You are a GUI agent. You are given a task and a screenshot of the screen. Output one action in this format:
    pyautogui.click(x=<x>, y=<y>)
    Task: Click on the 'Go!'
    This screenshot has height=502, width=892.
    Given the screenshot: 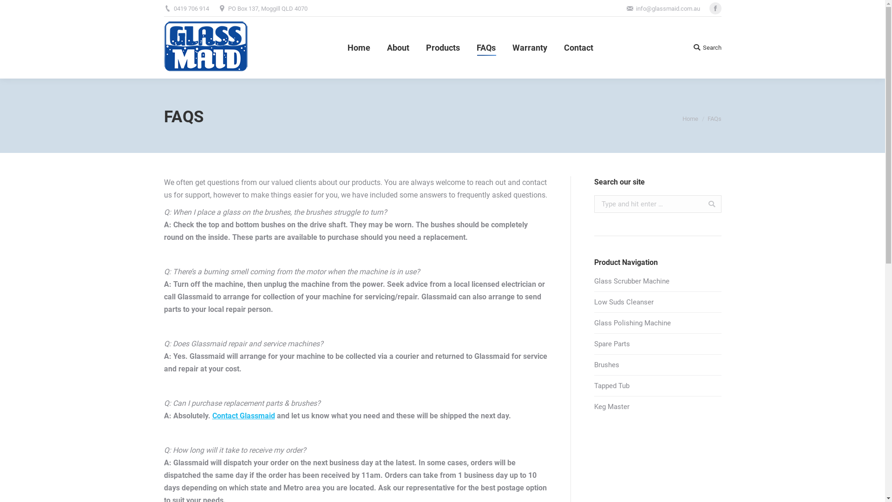 What is the action you would take?
    pyautogui.click(x=700, y=204)
    